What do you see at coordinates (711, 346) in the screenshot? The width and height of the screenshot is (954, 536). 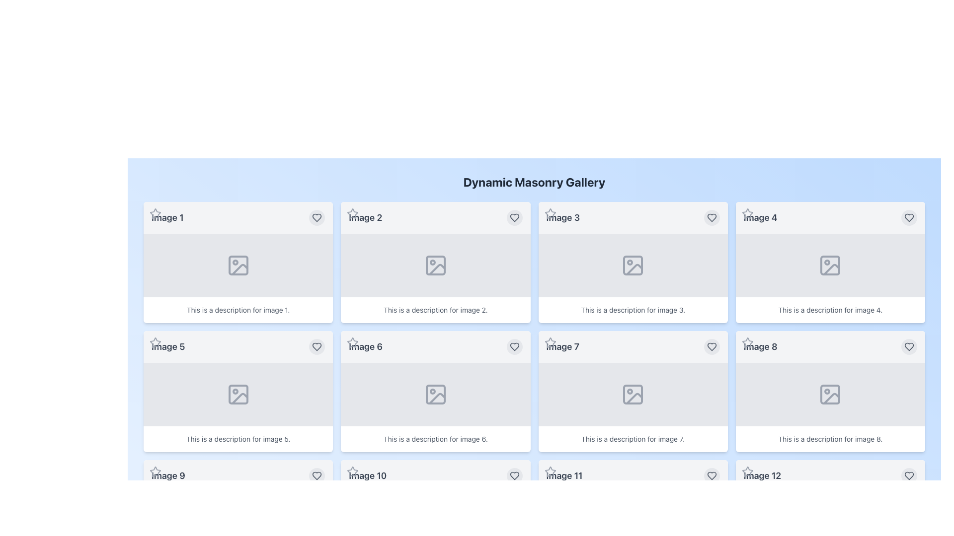 I see `the heart icon button located in the top-right corner of the 'Image 7' card to like or favorite the content` at bounding box center [711, 346].